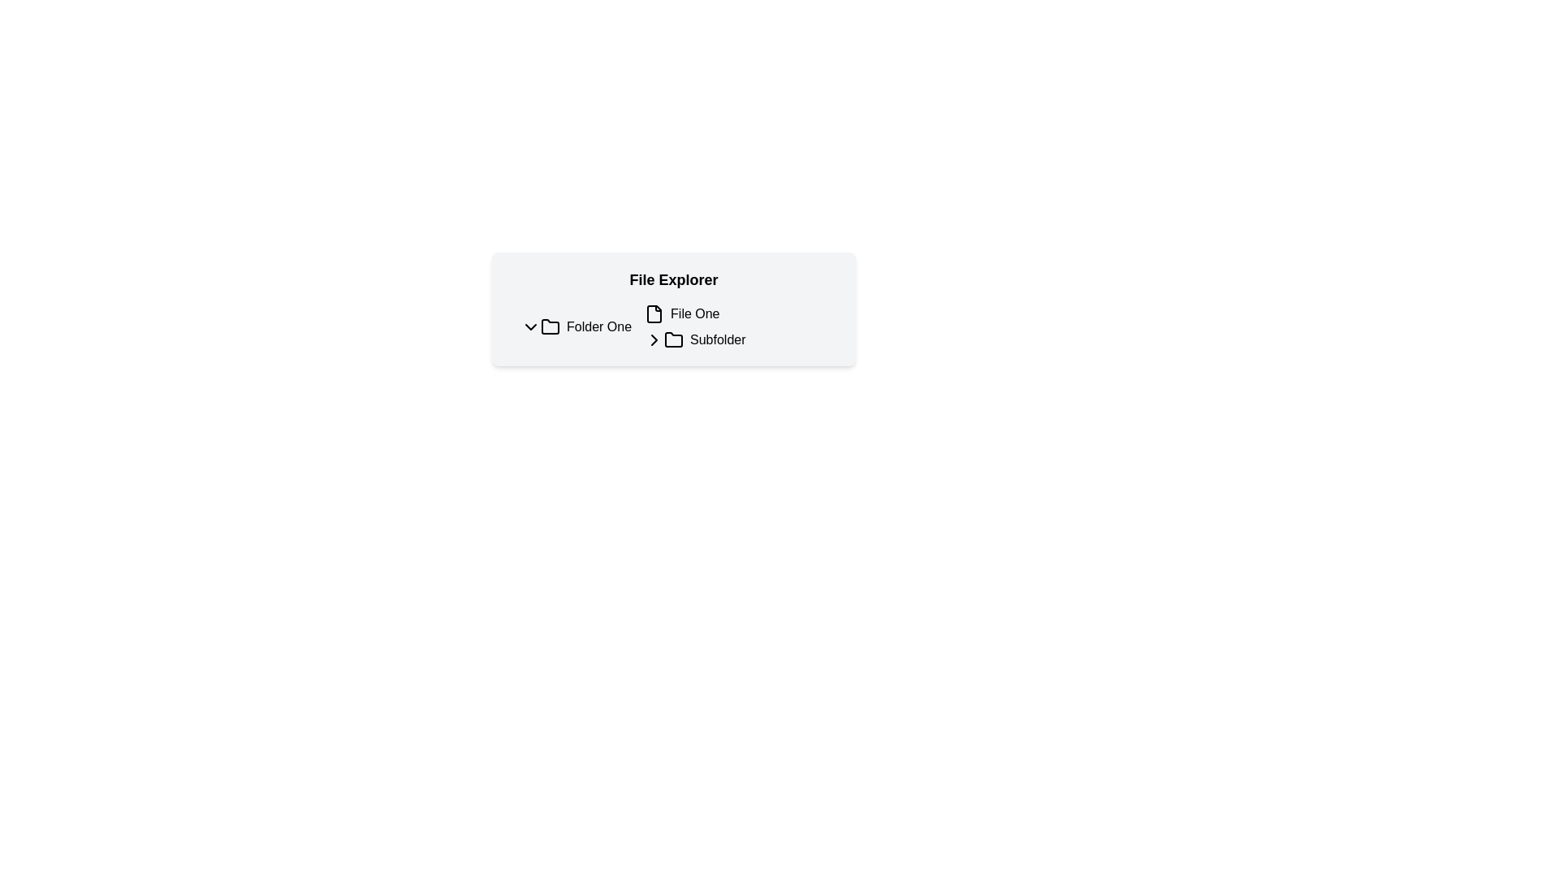 This screenshot has height=877, width=1559. What do you see at coordinates (654, 339) in the screenshot?
I see `the chevron icon located to the left of the 'Subfolder' label to trigger a tooltip` at bounding box center [654, 339].